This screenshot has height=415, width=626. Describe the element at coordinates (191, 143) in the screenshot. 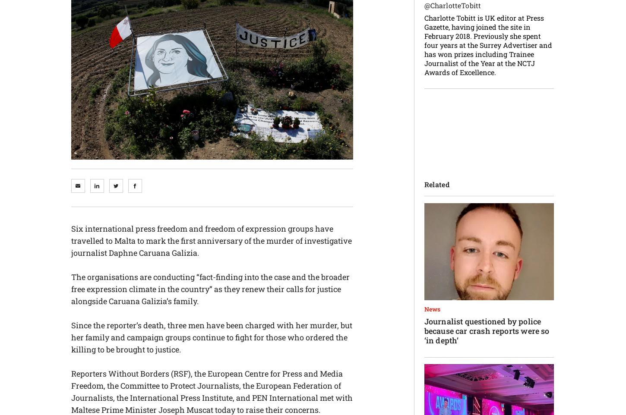

I see `'See All'` at that location.